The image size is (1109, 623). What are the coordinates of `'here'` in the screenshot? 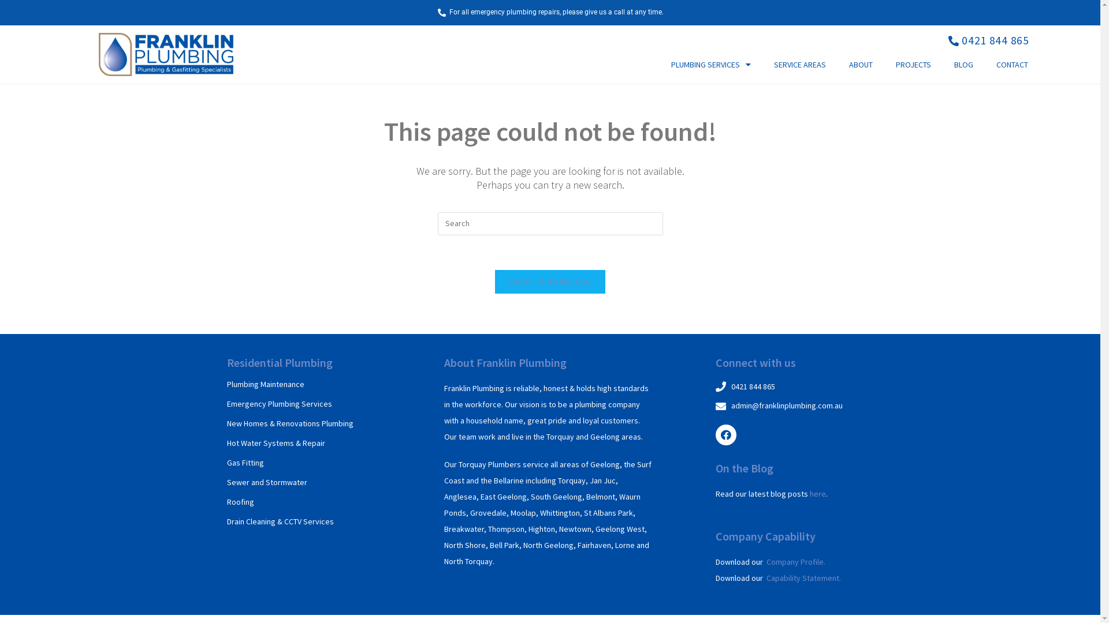 It's located at (817, 493).